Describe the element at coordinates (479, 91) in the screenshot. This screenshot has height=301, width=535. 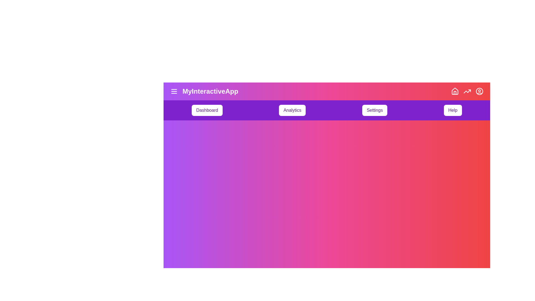
I see `the 'UserCircle' icon button to trigger its associated action` at that location.